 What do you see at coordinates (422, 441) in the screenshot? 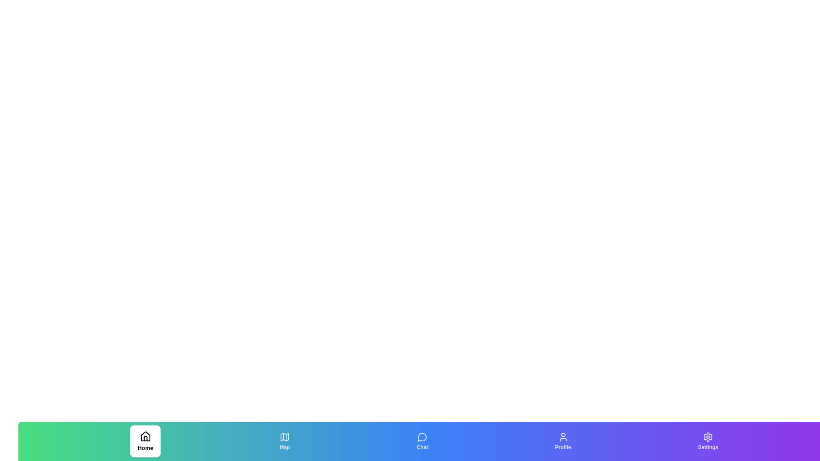
I see `the Chat tab to switch the active state` at bounding box center [422, 441].